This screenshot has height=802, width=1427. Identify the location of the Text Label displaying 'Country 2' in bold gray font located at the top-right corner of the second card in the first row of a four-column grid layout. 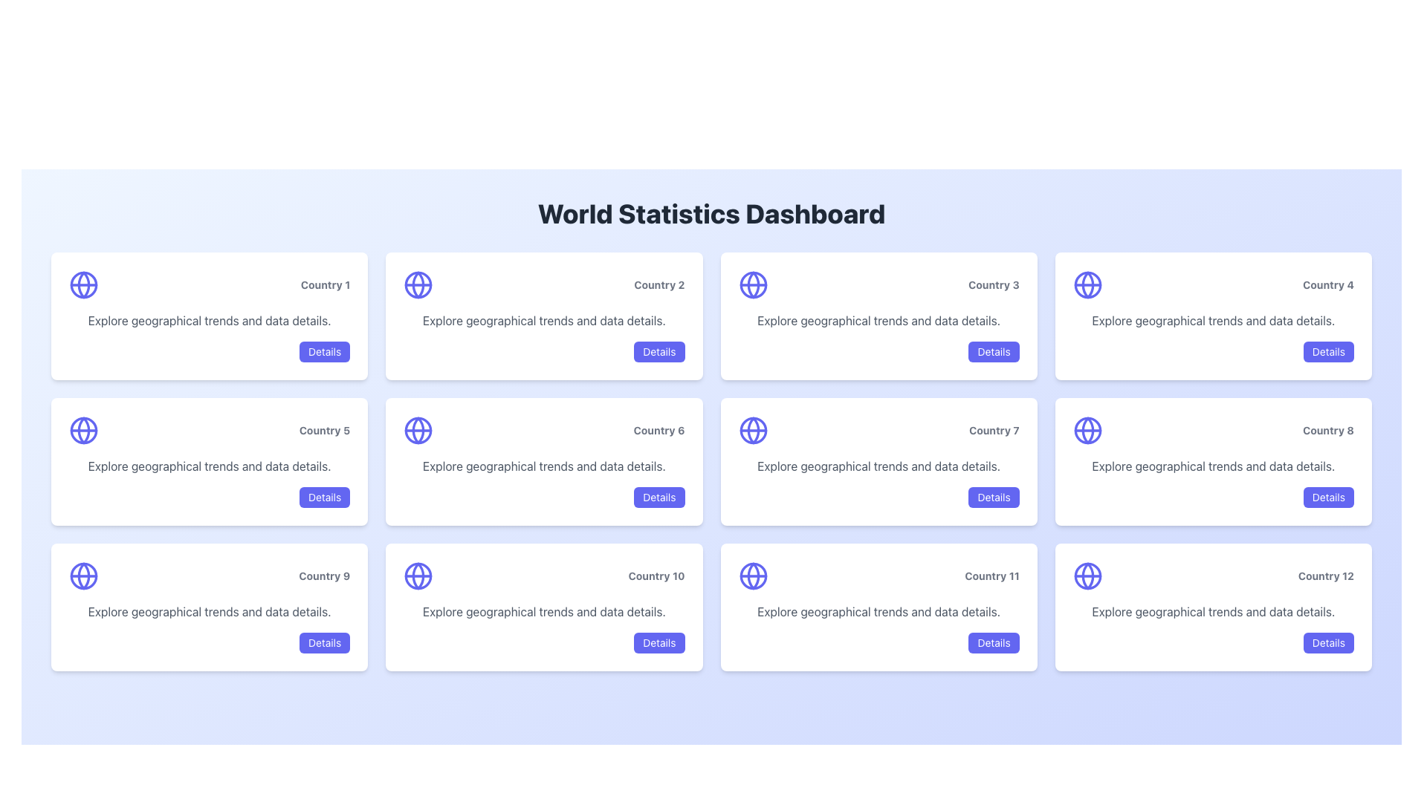
(543, 285).